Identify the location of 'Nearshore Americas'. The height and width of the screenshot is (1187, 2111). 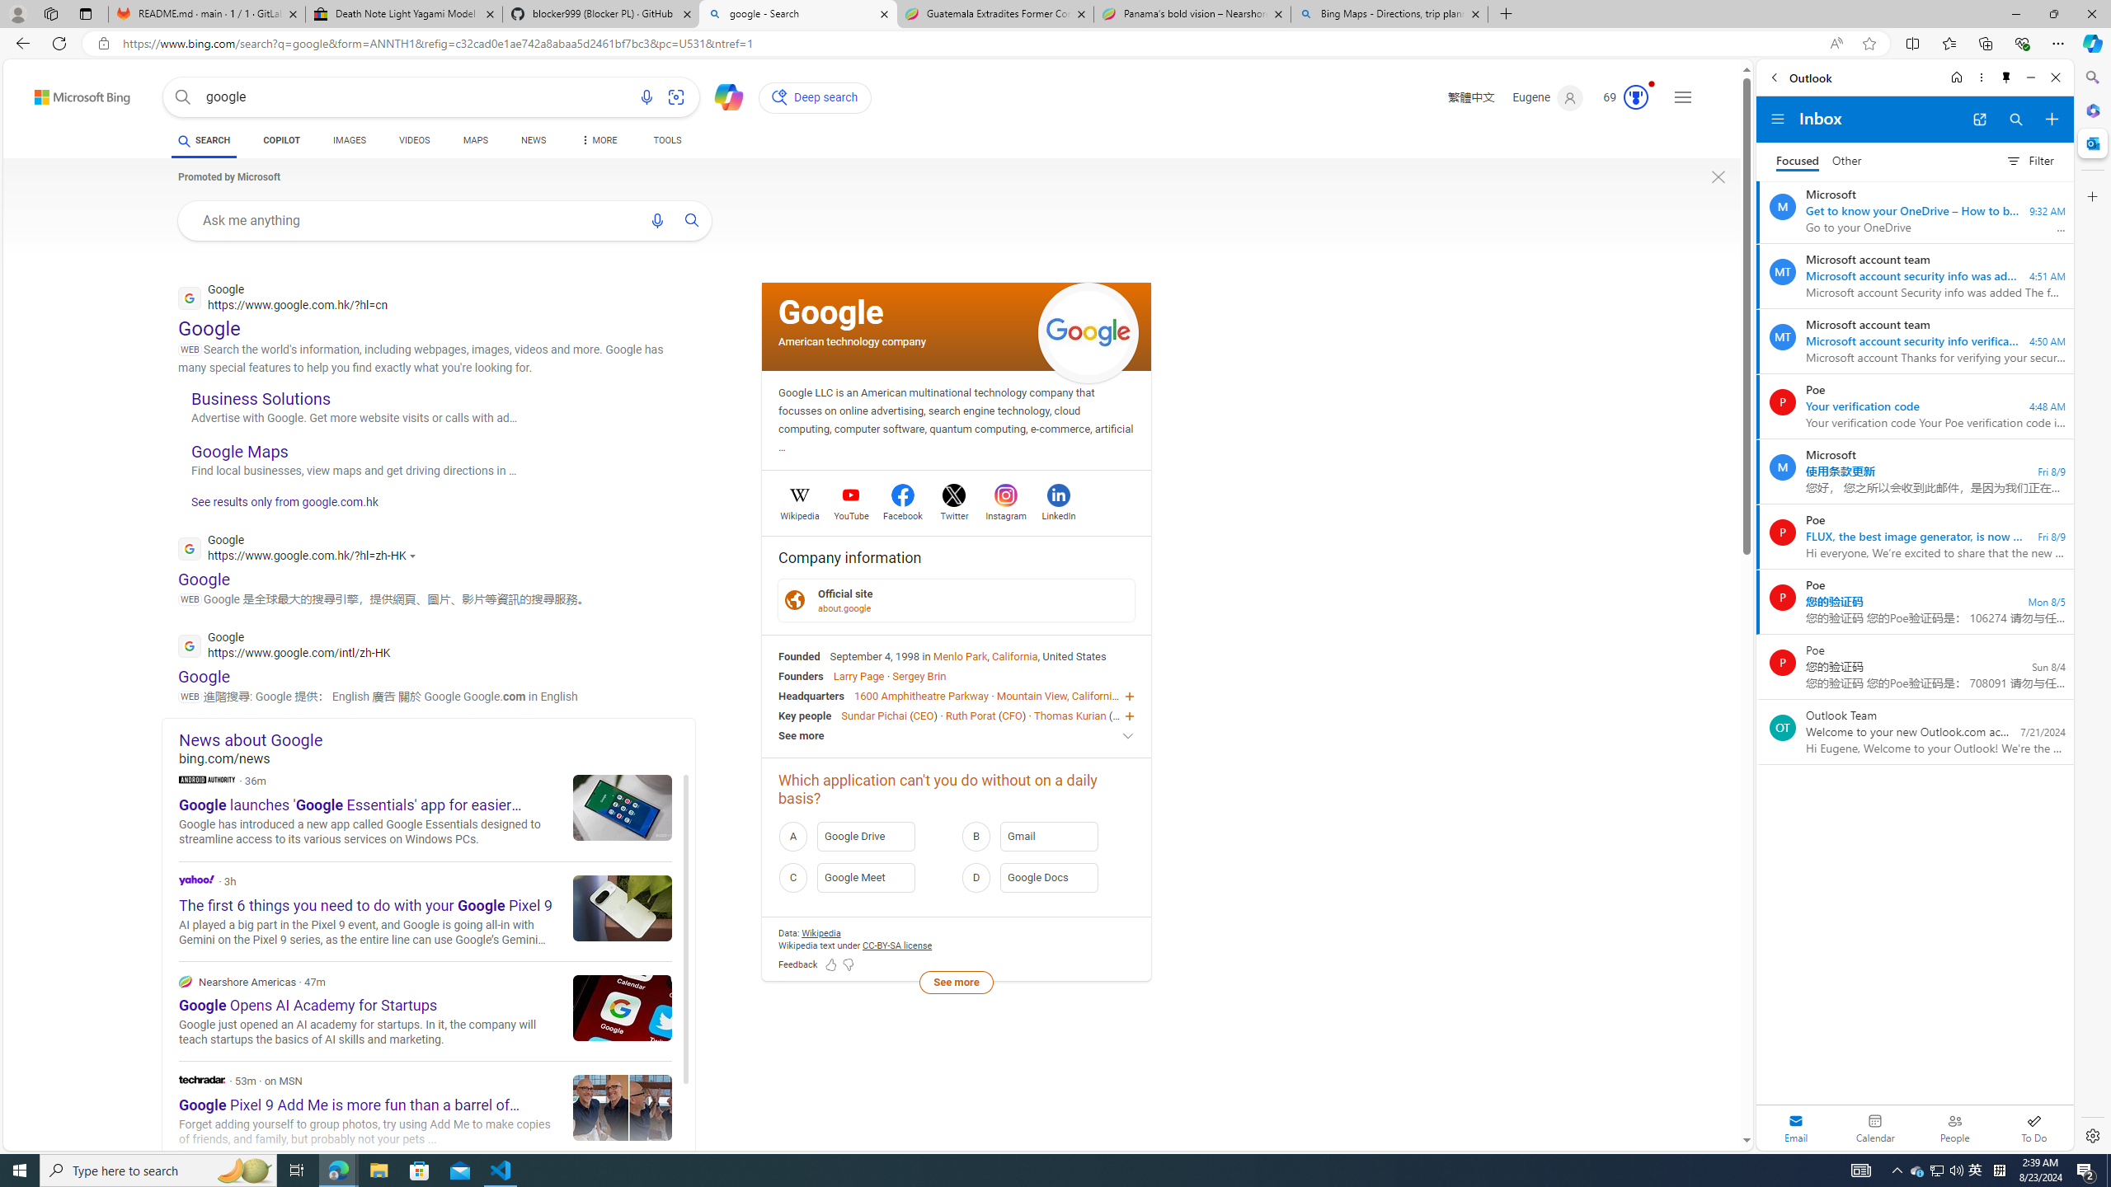
(185, 981).